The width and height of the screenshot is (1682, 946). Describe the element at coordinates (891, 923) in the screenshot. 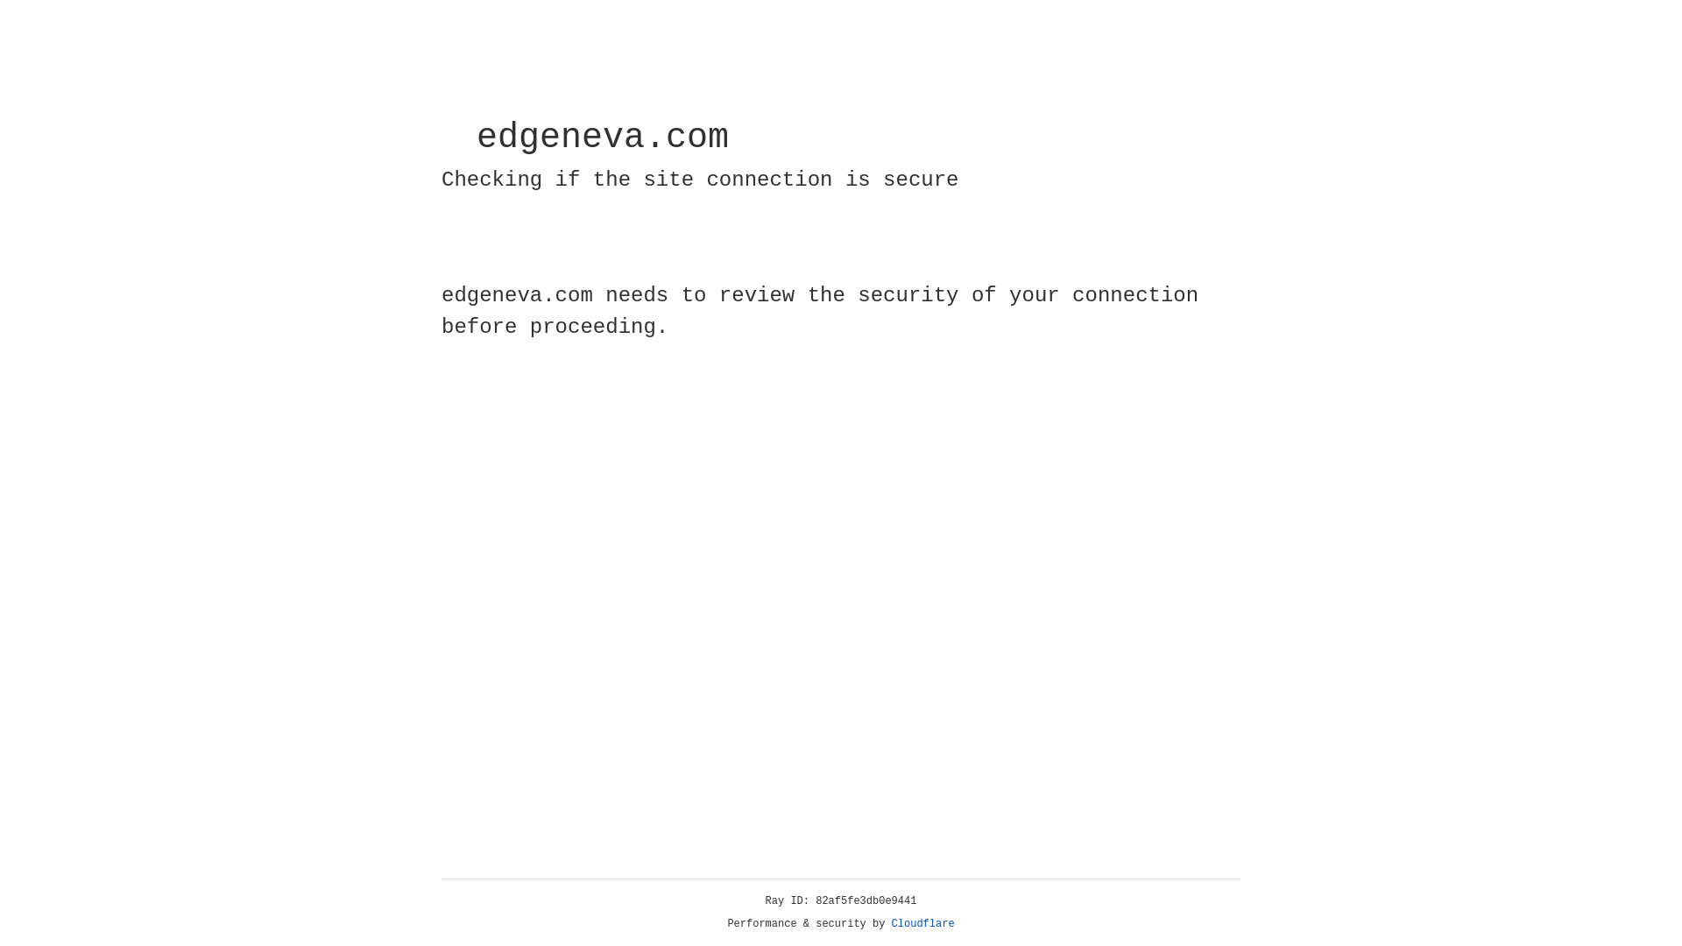

I see `'Cloudflare'` at that location.